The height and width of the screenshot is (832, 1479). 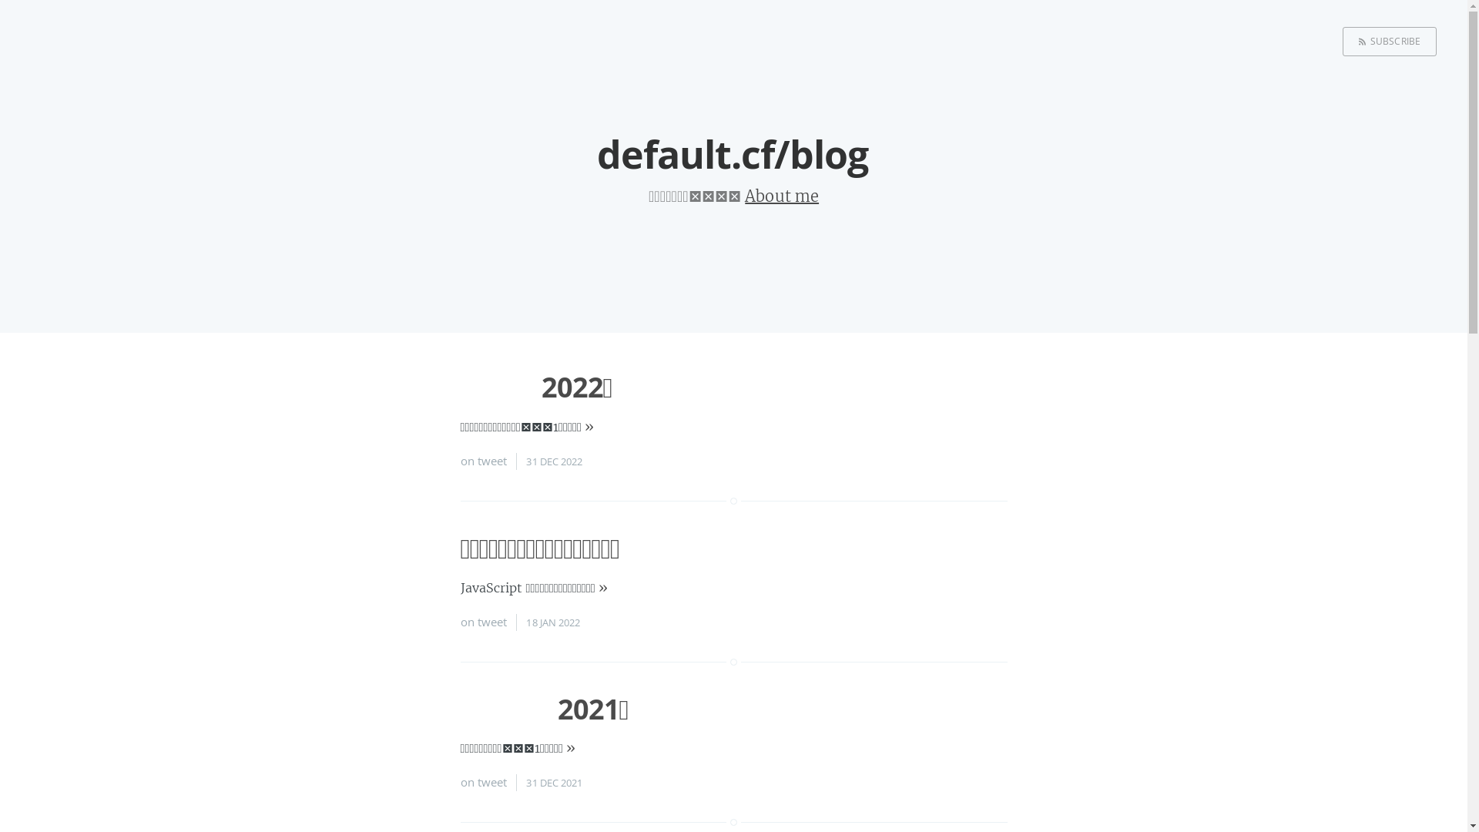 What do you see at coordinates (744, 195) in the screenshot?
I see `'About me'` at bounding box center [744, 195].